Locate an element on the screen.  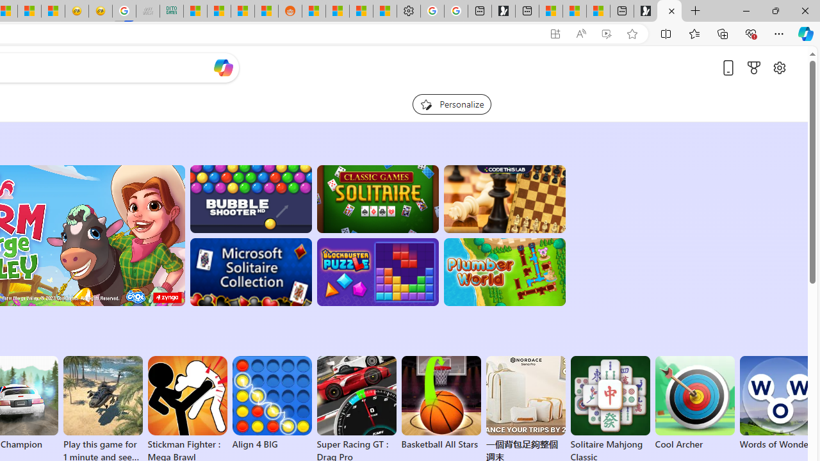
'Cool Archer' is located at coordinates (694, 403).